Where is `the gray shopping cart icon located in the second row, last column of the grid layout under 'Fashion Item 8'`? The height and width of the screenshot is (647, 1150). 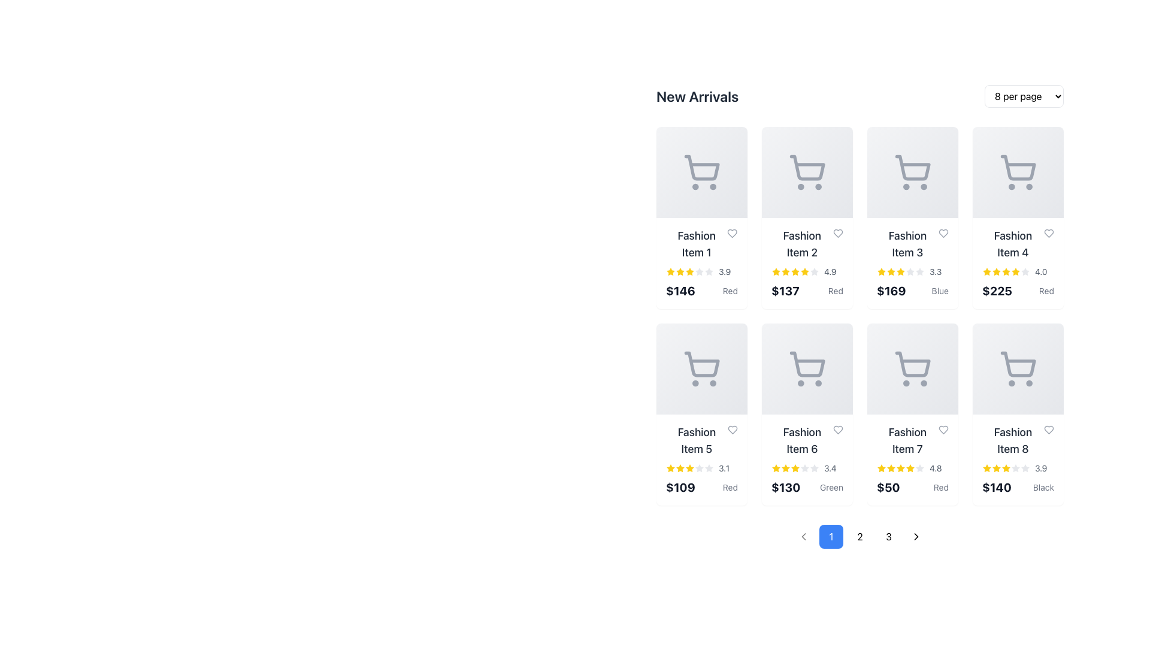 the gray shopping cart icon located in the second row, last column of the grid layout under 'Fashion Item 8' is located at coordinates (1017, 368).